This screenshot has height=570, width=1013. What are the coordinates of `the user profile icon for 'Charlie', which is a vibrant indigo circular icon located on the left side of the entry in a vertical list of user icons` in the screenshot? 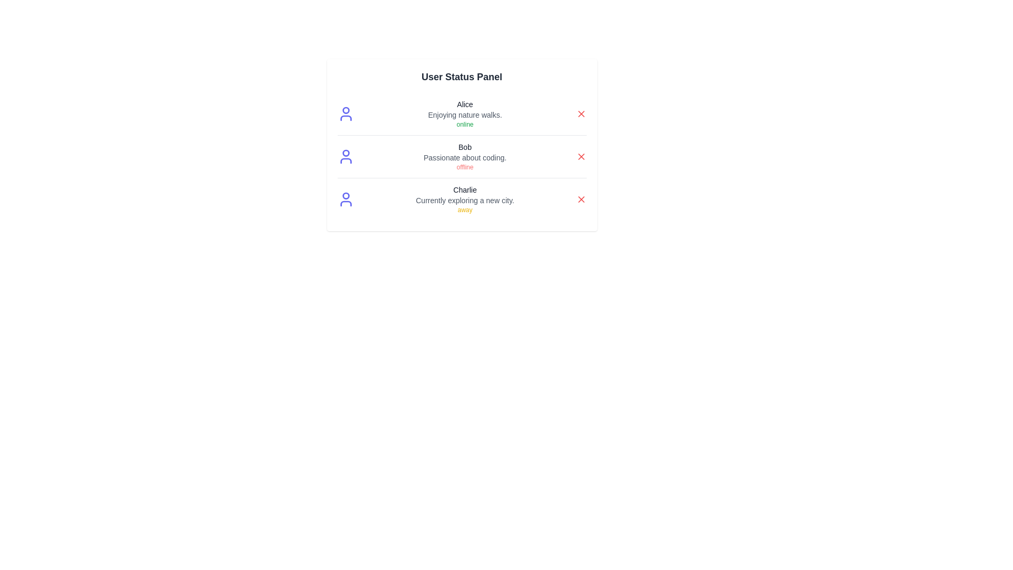 It's located at (346, 199).